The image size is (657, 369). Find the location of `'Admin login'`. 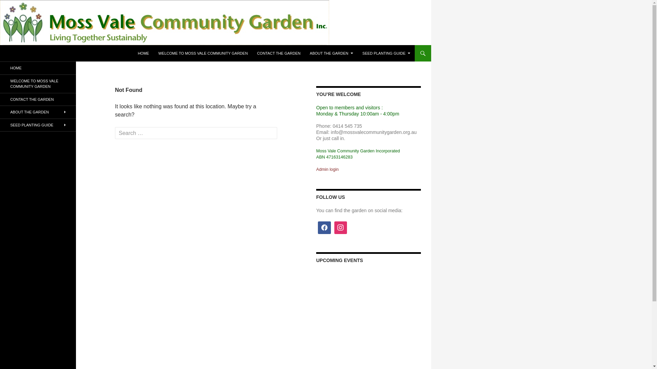

'Admin login' is located at coordinates (327, 169).